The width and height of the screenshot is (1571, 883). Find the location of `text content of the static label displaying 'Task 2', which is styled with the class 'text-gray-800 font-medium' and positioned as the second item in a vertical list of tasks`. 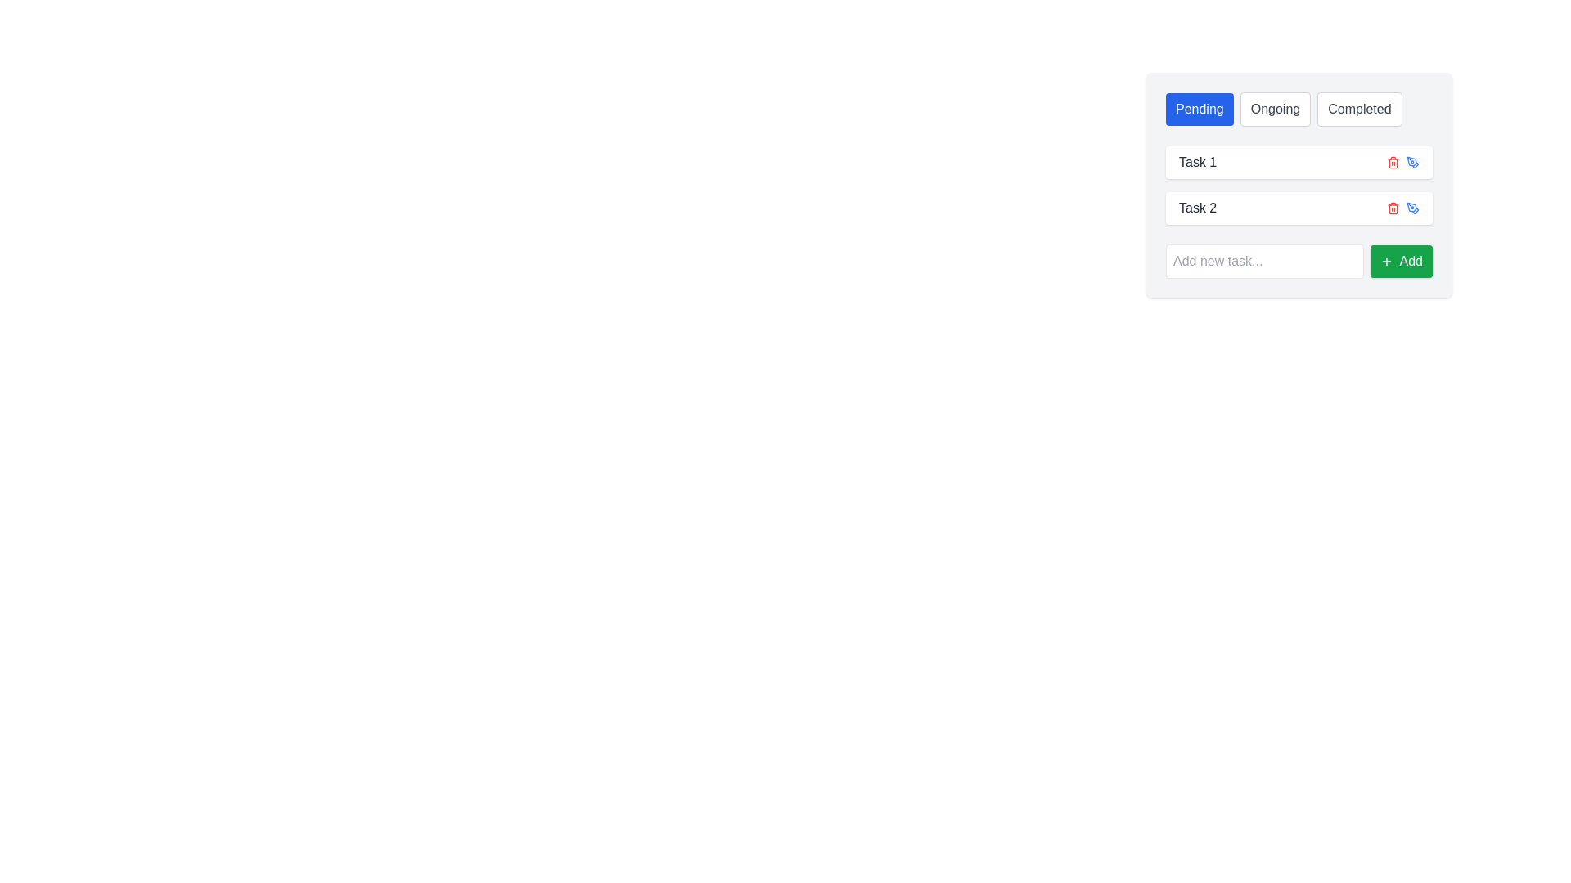

text content of the static label displaying 'Task 2', which is styled with the class 'text-gray-800 font-medium' and positioned as the second item in a vertical list of tasks is located at coordinates (1198, 207).